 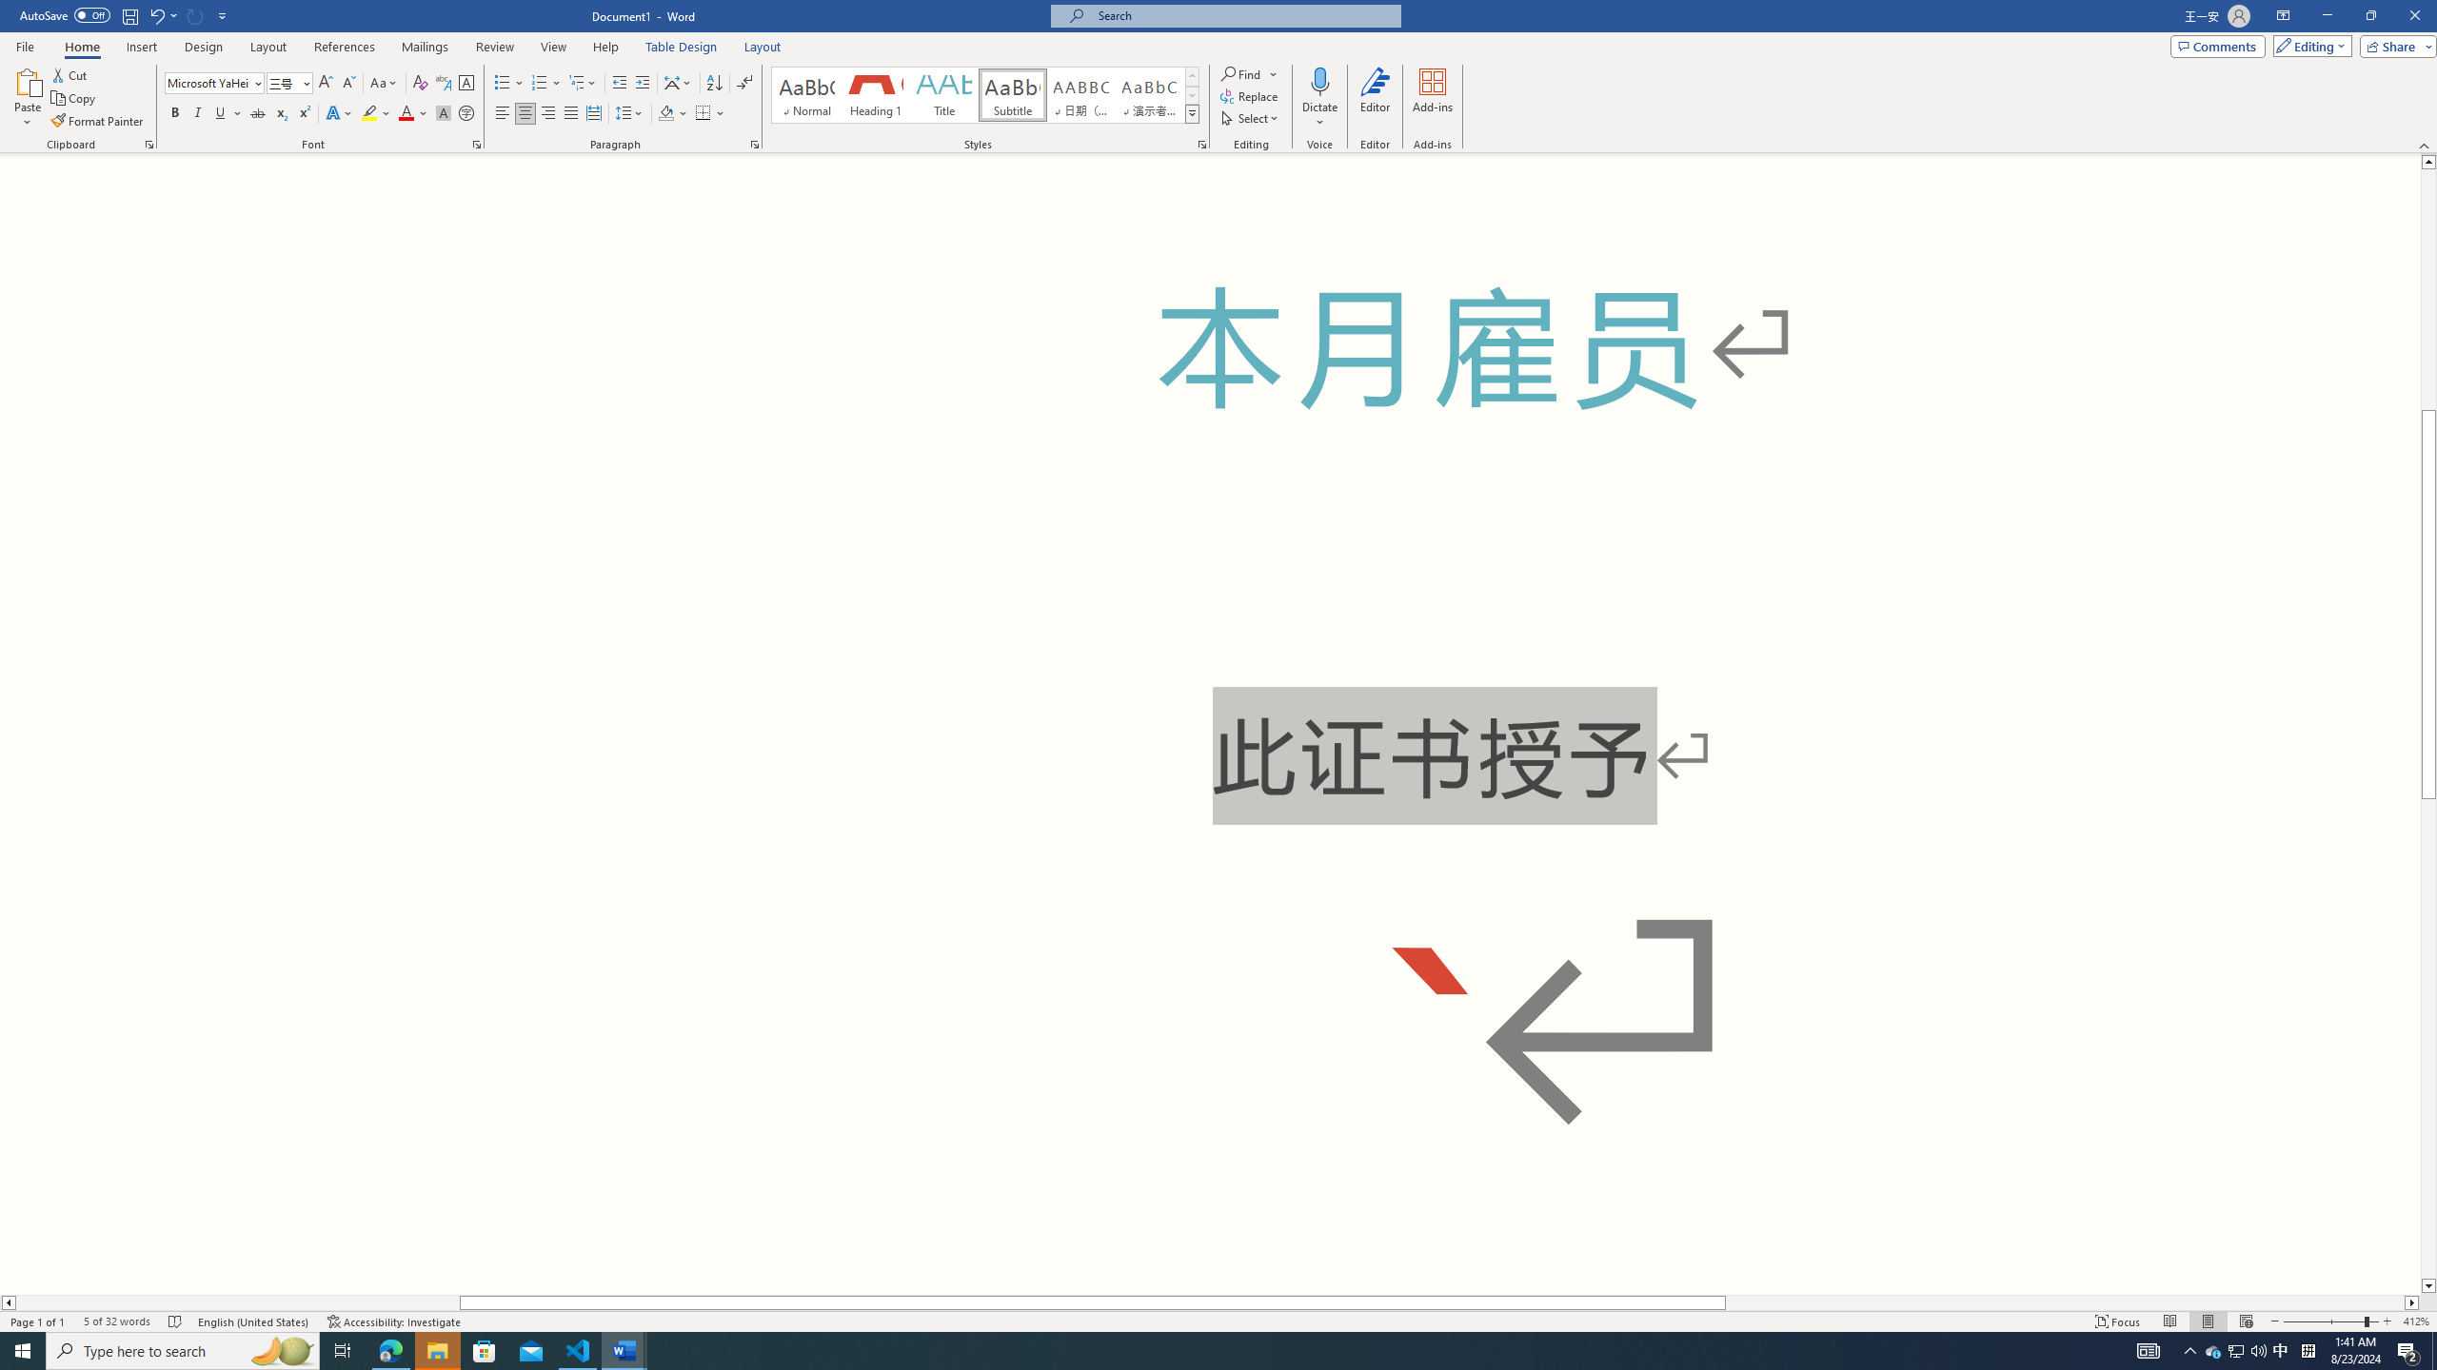 What do you see at coordinates (2282, 15) in the screenshot?
I see `'Ribbon Display Options'` at bounding box center [2282, 15].